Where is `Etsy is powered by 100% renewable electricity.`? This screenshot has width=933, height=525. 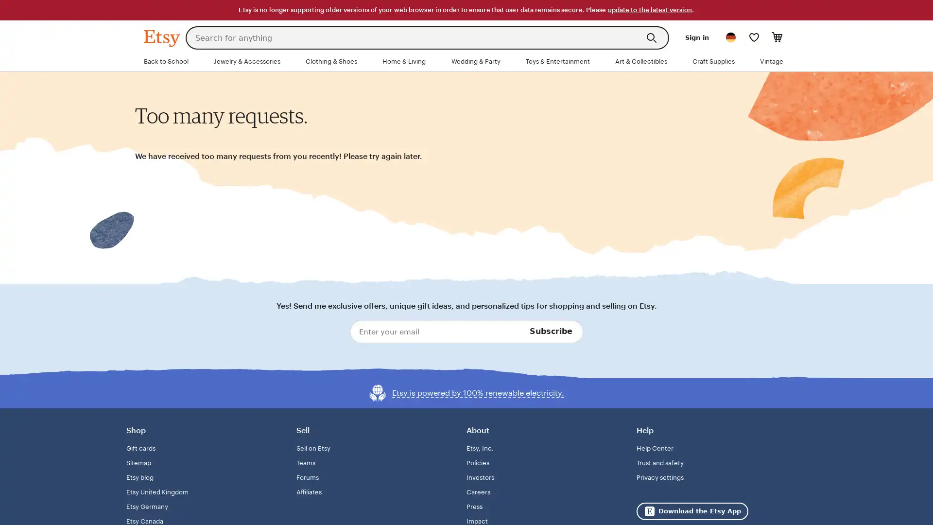 Etsy is powered by 100% renewable electricity. is located at coordinates (466, 393).